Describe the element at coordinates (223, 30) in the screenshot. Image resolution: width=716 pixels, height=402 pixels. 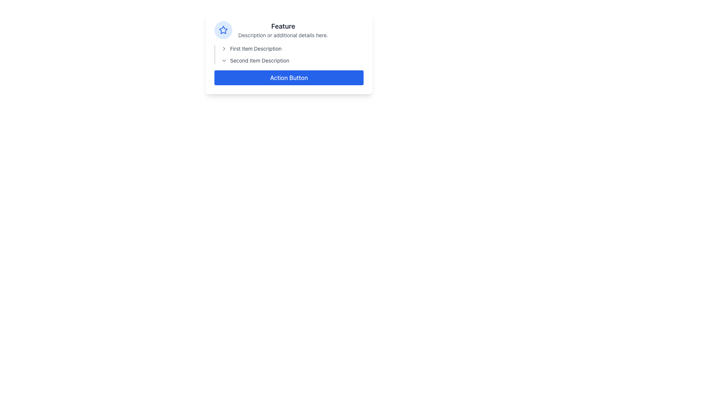
I see `the star-shaped icon with a blue outline located within a circular blue background at the top left of the feature card component` at that location.